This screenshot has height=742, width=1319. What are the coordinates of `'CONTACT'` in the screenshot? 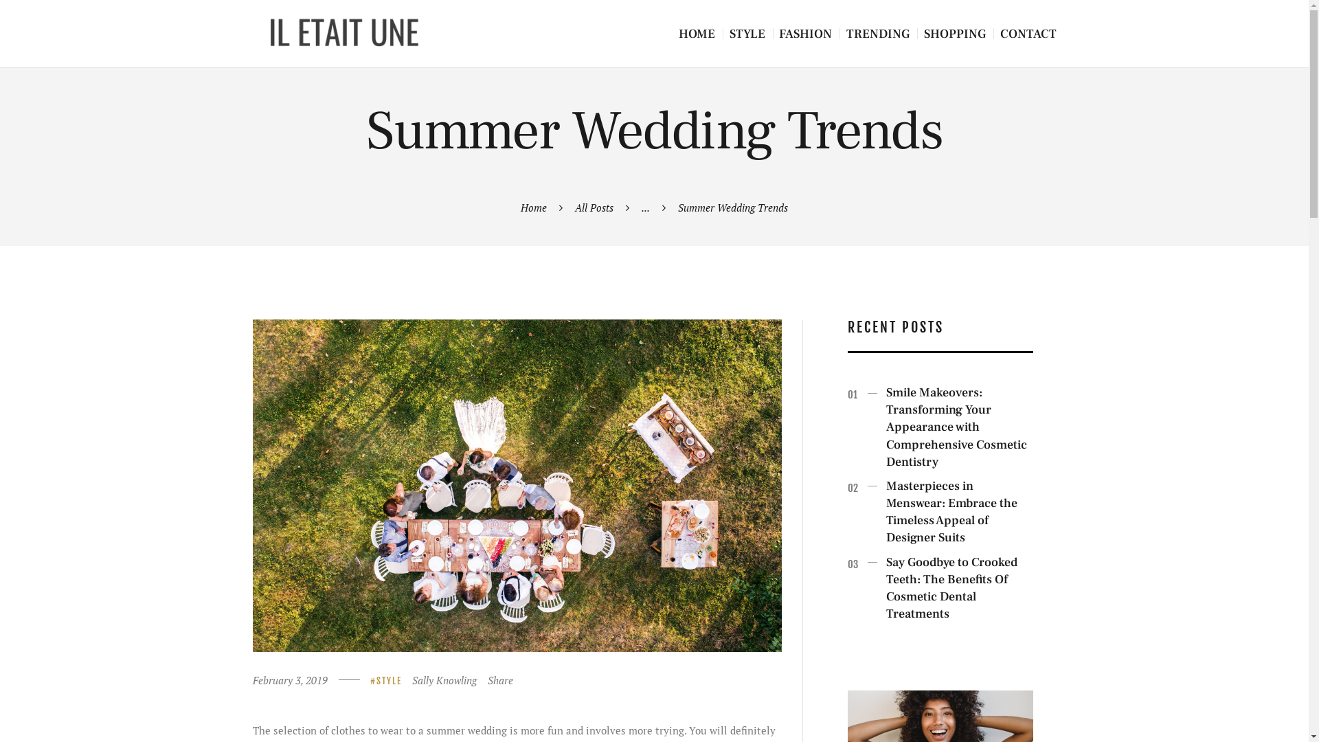 It's located at (1000, 33).